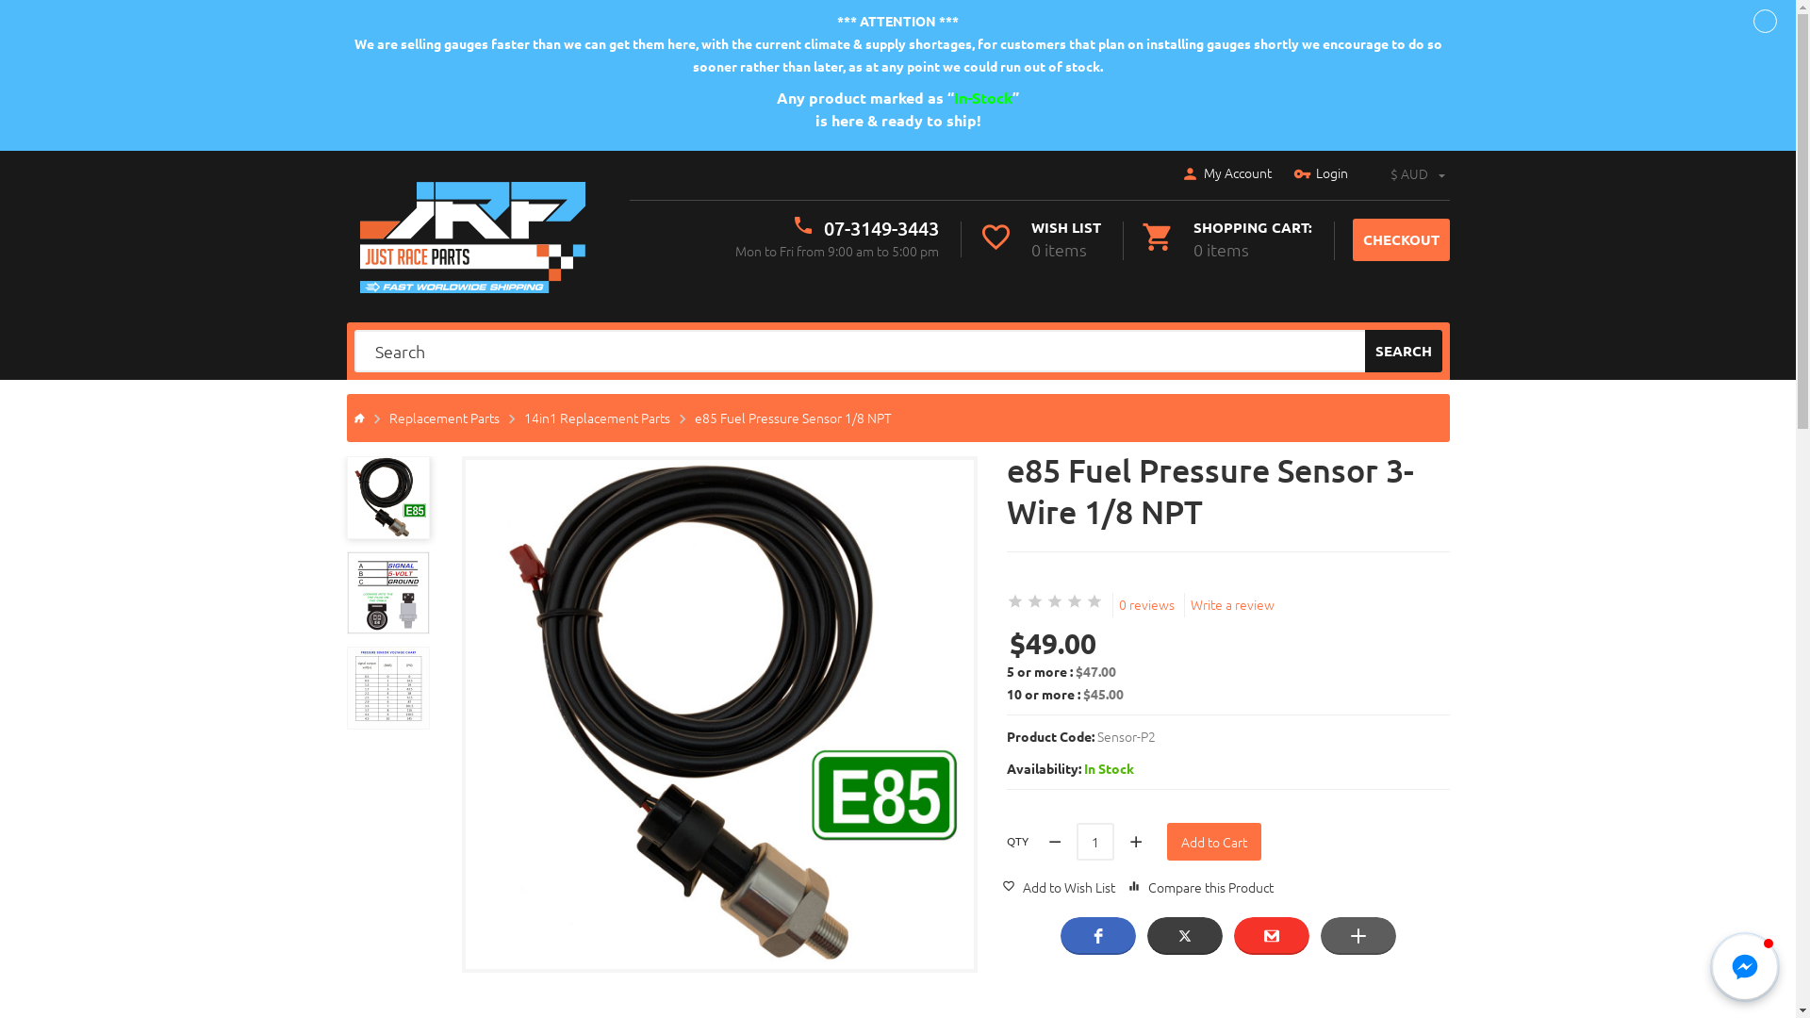 This screenshot has height=1018, width=1810. What do you see at coordinates (1183, 935) in the screenshot?
I see `'Twitter'` at bounding box center [1183, 935].